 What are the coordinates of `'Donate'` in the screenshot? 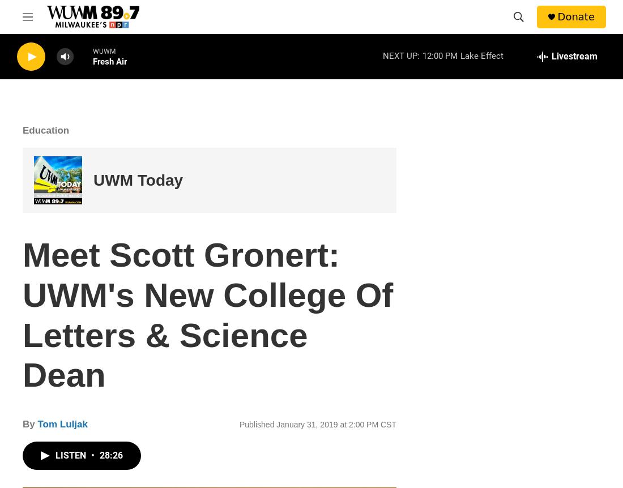 It's located at (575, 16).